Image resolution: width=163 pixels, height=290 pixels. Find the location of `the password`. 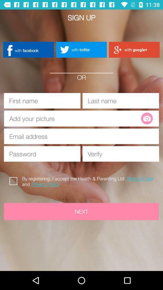

the password is located at coordinates (42, 153).